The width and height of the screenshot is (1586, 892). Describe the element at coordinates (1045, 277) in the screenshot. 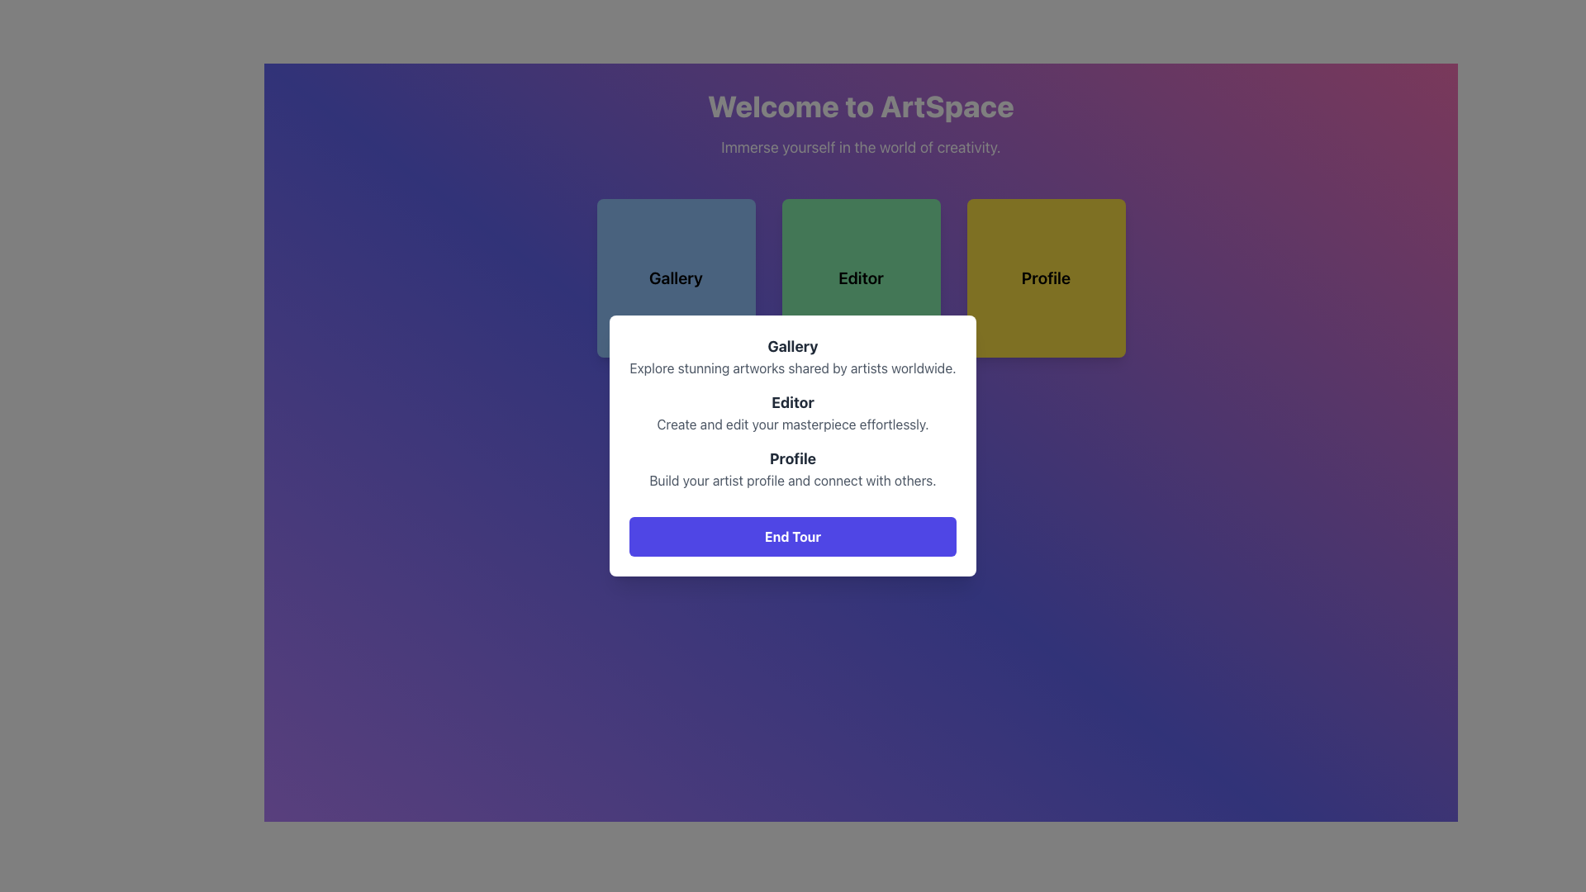

I see `the 'Profile' button, which is the last element in the grid layout` at that location.